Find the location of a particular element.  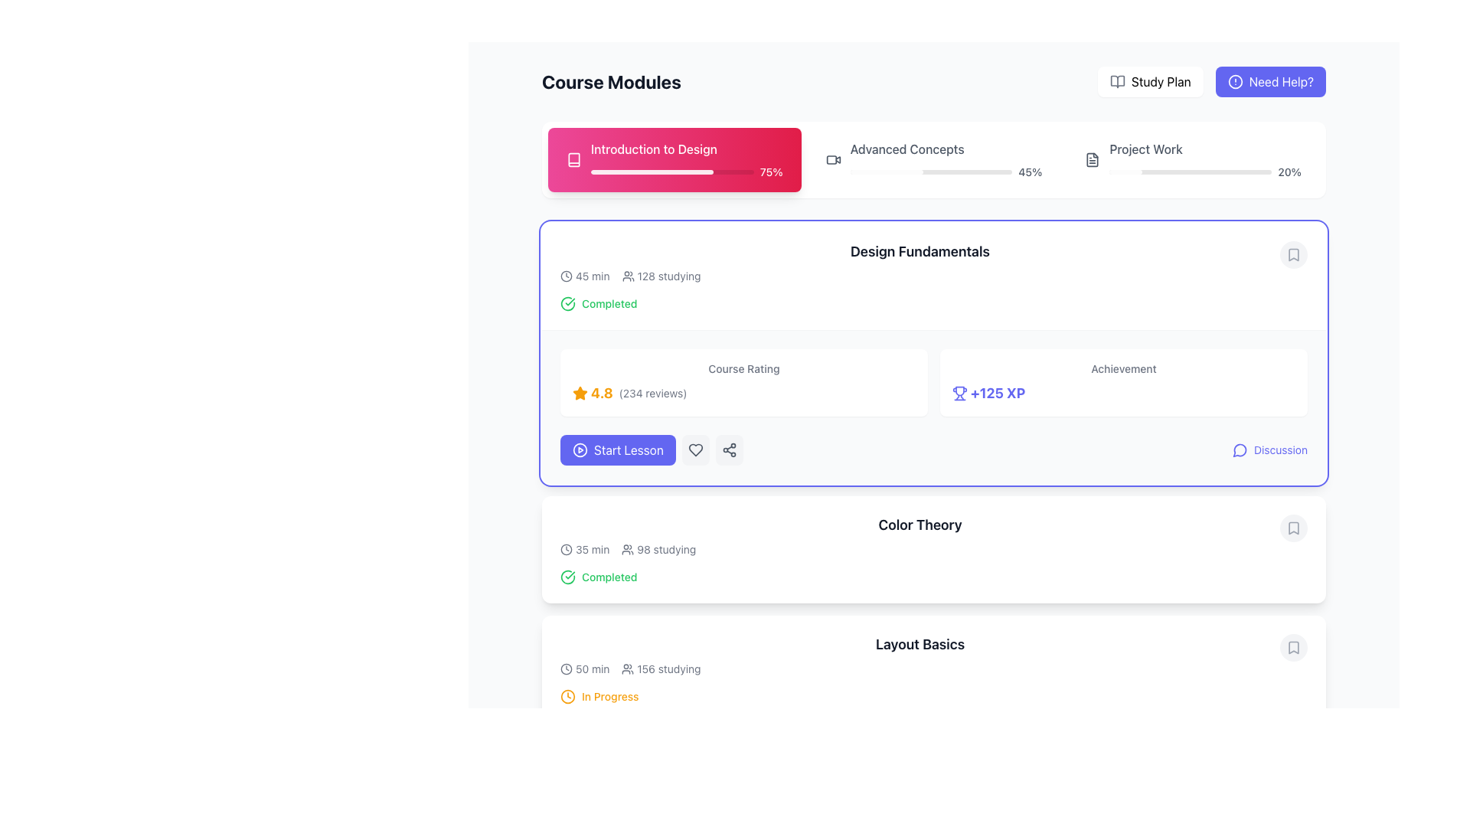

the icon button located at the far right of the 'Color Theory' section to bookmark the course is located at coordinates (1292, 647).